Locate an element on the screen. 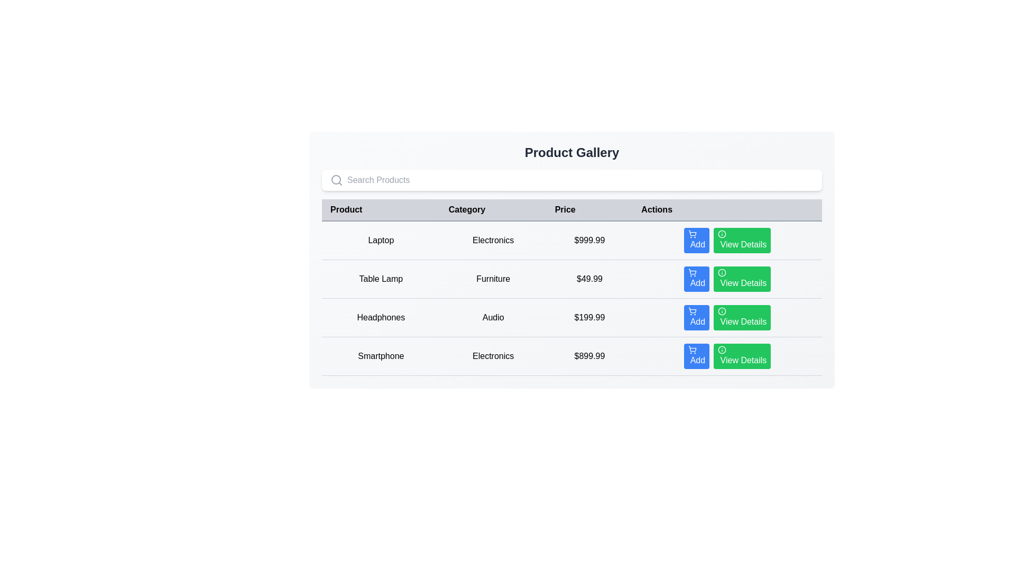 The image size is (1015, 571). the button located at the bottom-right corner of the last row in the table under the 'Actions' column is located at coordinates (742, 356).